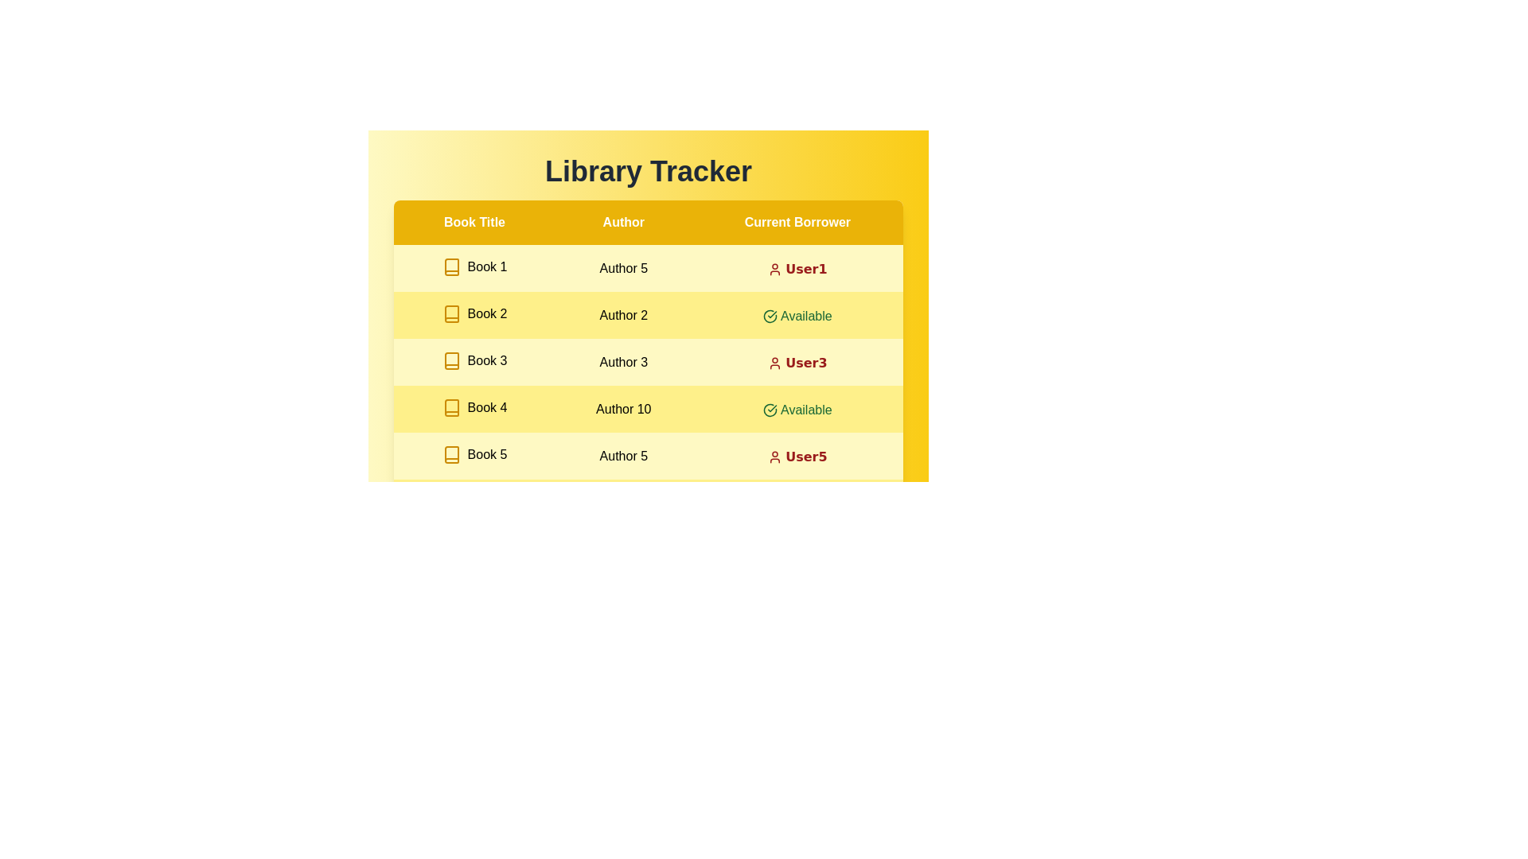  Describe the element at coordinates (474, 407) in the screenshot. I see `the book title Book 4 to inspect its details` at that location.